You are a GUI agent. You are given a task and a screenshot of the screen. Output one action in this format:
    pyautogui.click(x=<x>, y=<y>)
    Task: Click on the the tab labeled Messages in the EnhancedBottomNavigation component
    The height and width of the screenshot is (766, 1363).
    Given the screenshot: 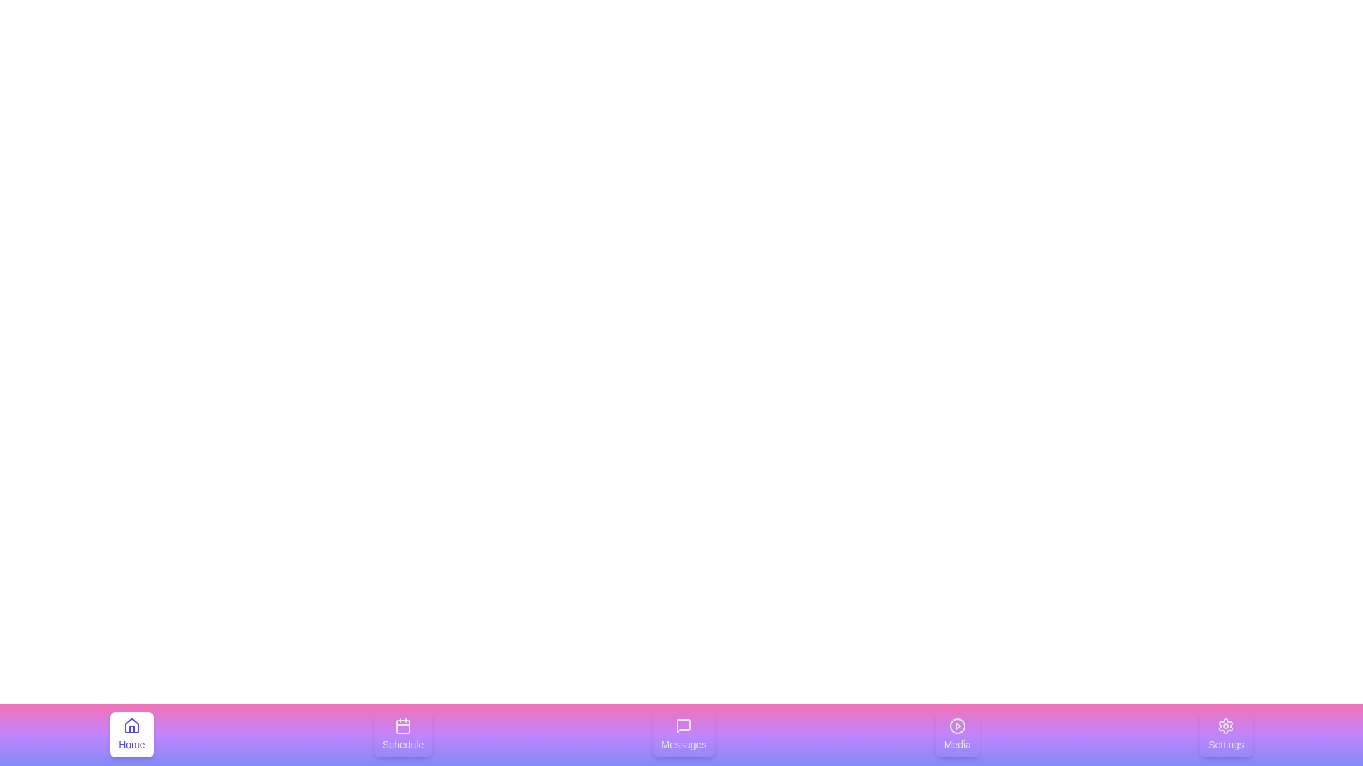 What is the action you would take?
    pyautogui.click(x=684, y=734)
    